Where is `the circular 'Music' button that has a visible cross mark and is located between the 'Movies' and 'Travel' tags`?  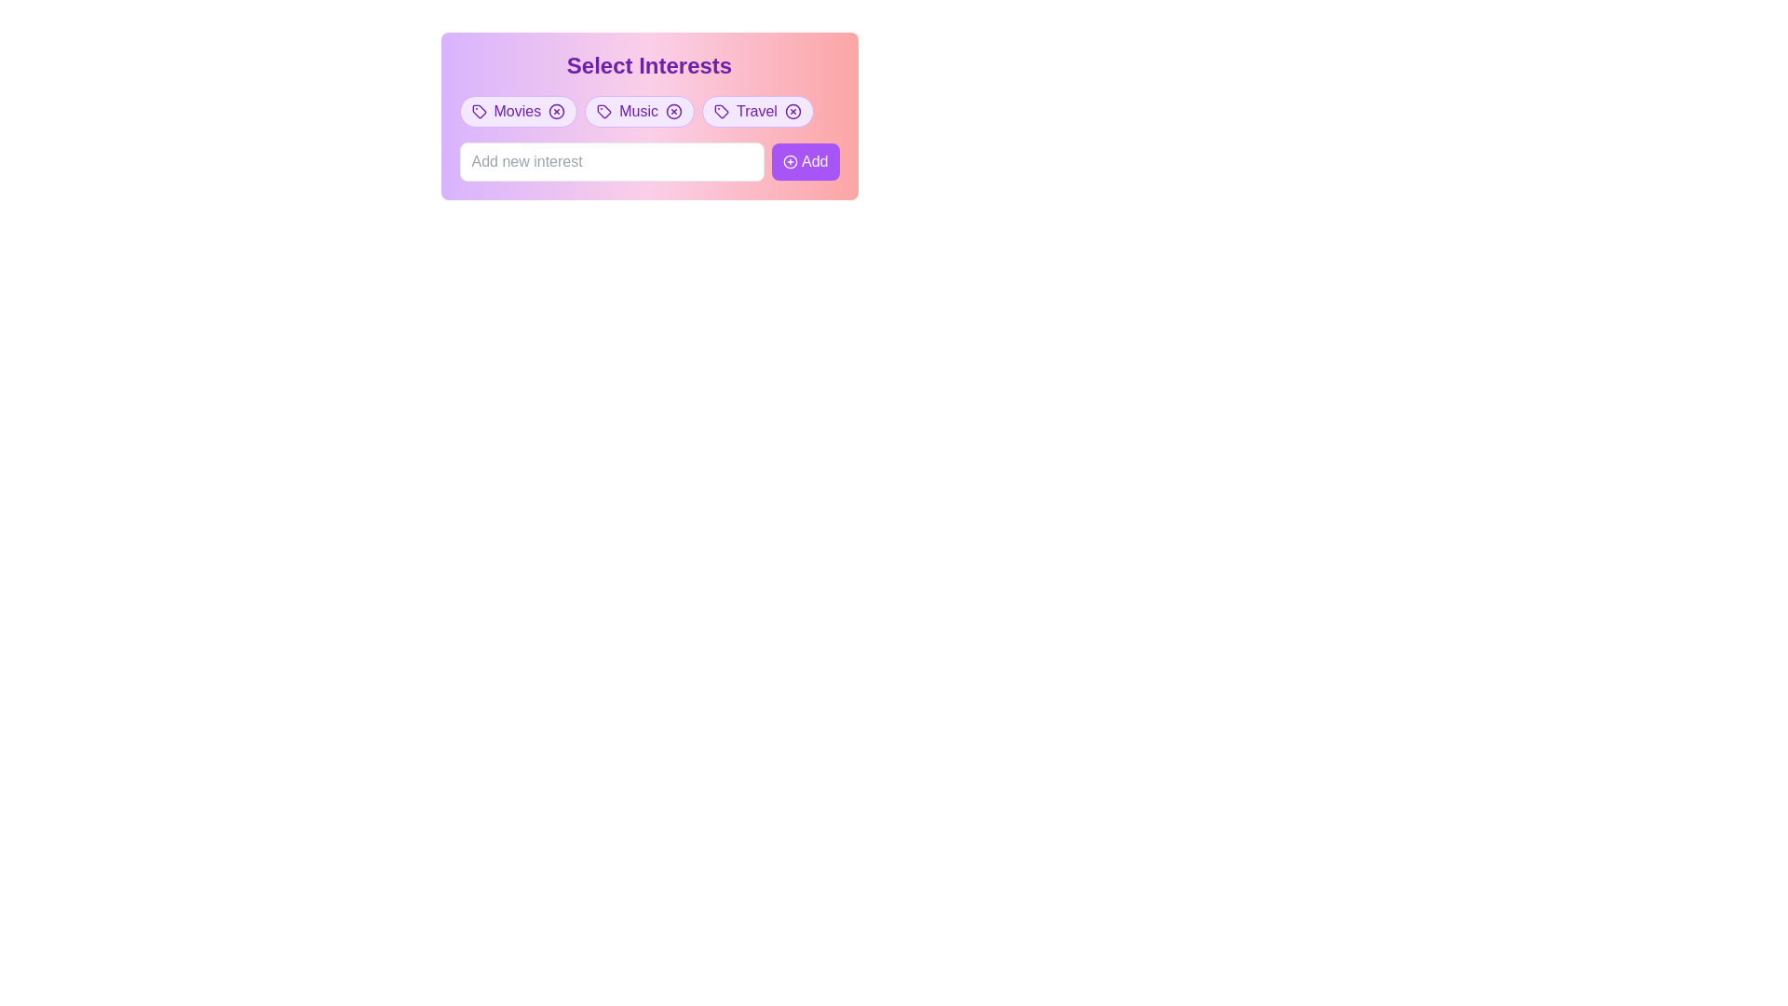
the circular 'Music' button that has a visible cross mark and is located between the 'Movies' and 'Travel' tags is located at coordinates (673, 111).